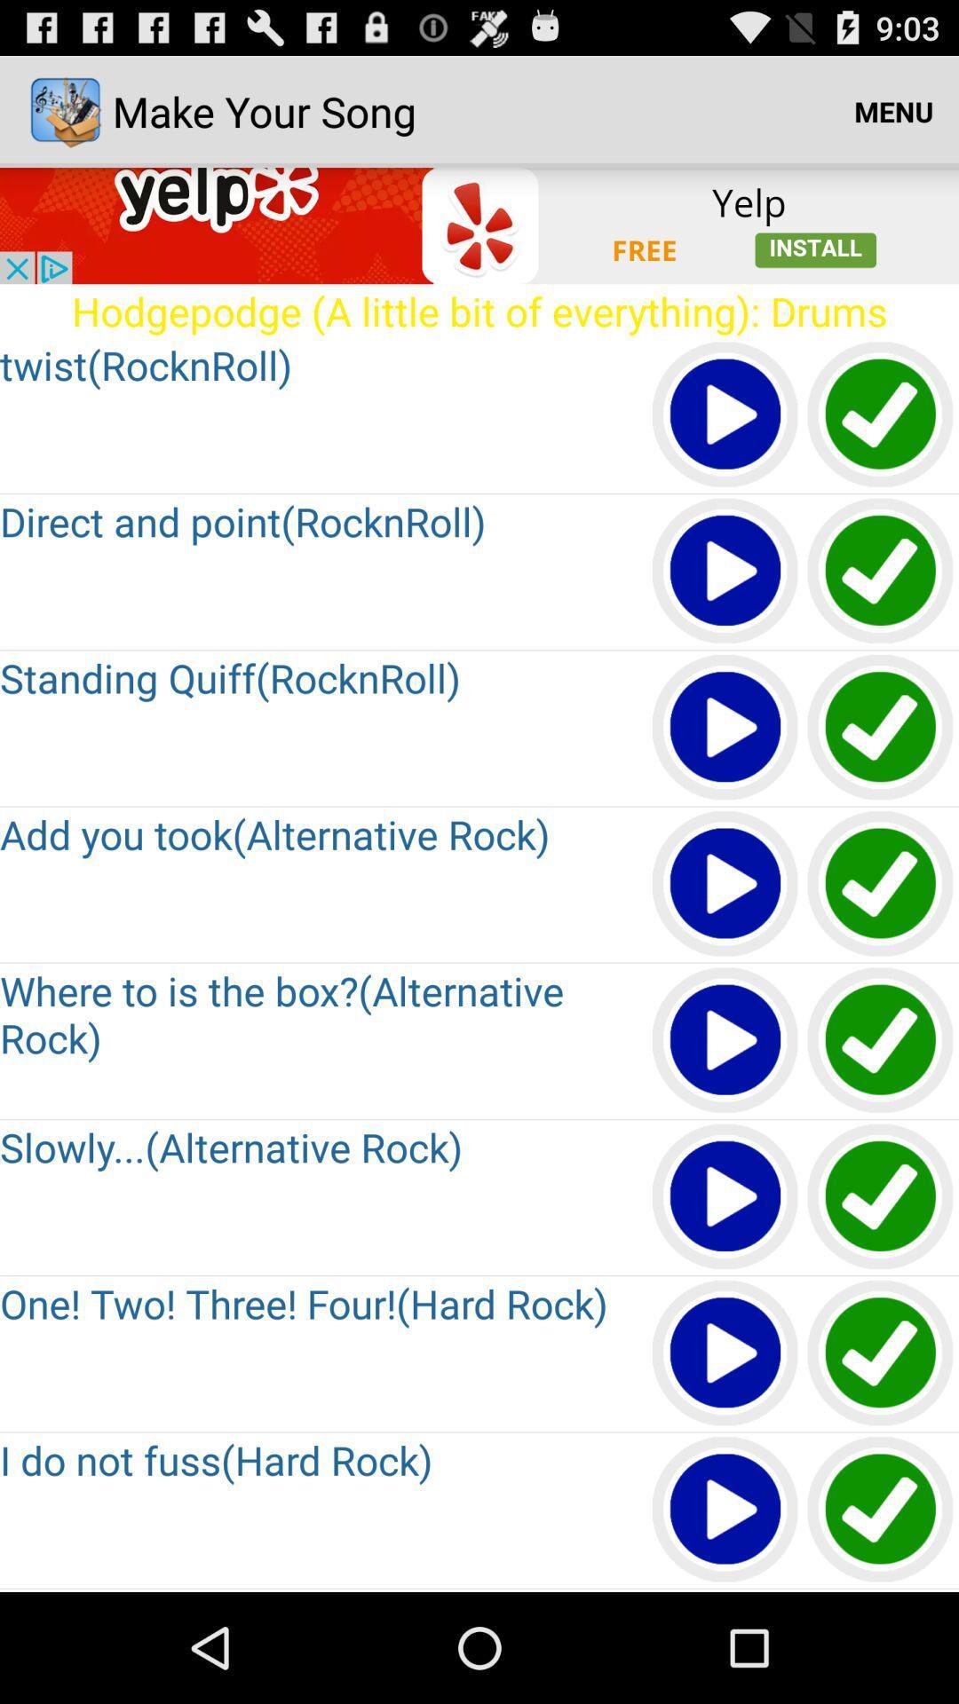 This screenshot has width=959, height=1704. I want to click on choose this option, so click(881, 728).